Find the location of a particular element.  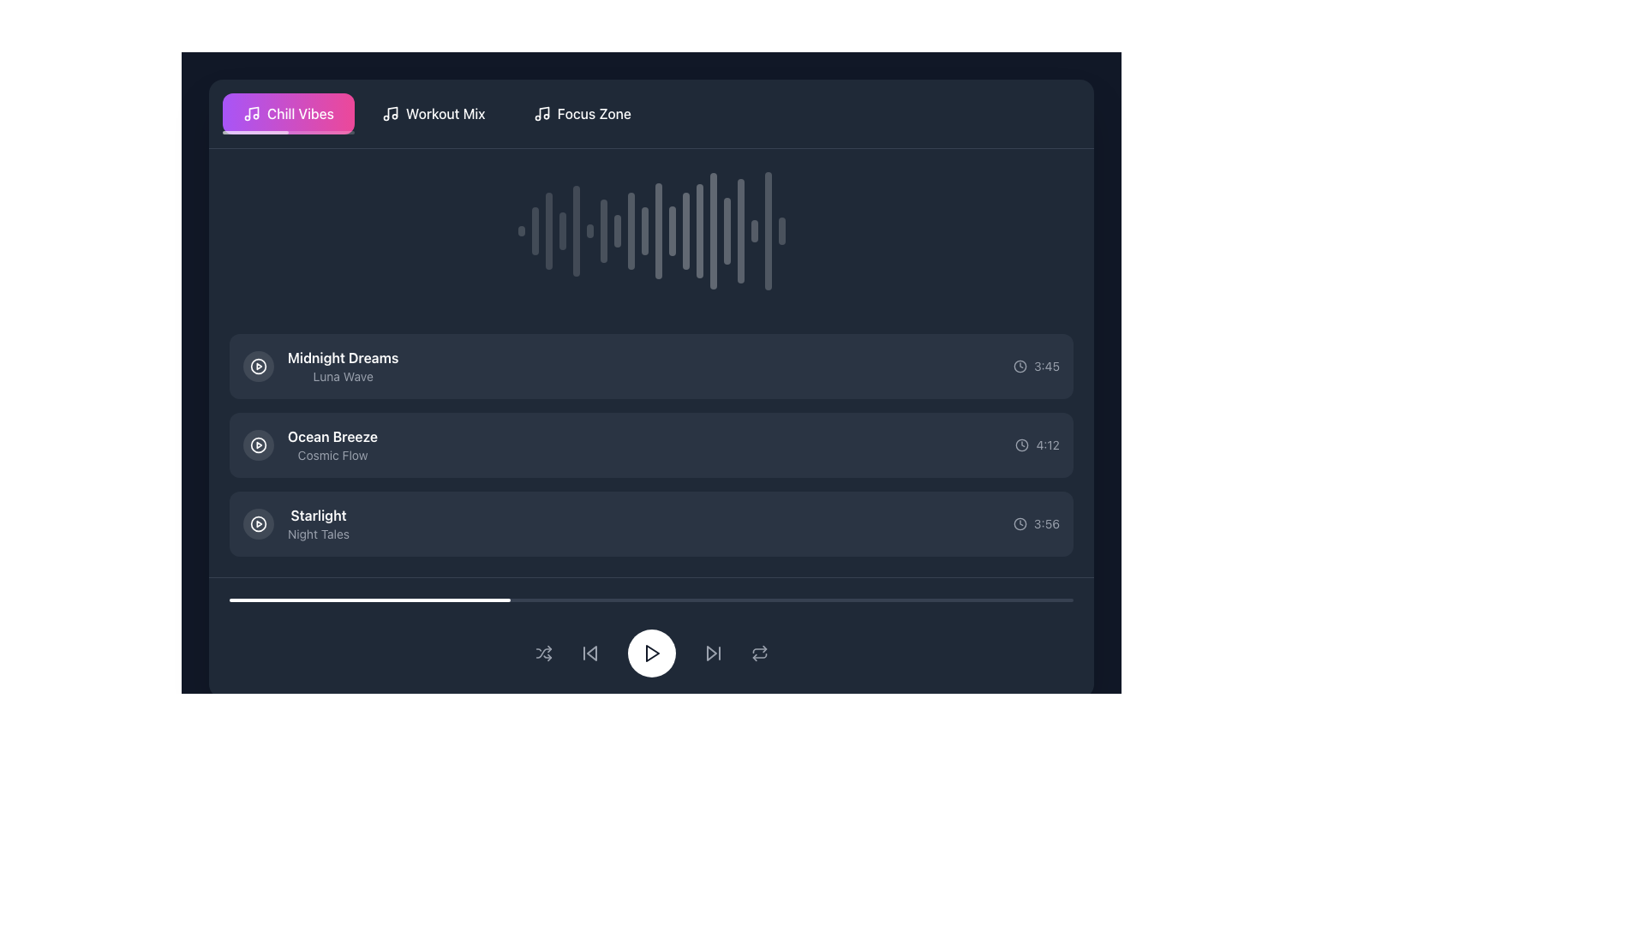

vertical line of the music note icon located near the upper-left corner of the interface, which represents the 'Chill Vibes' section is located at coordinates (543, 112).